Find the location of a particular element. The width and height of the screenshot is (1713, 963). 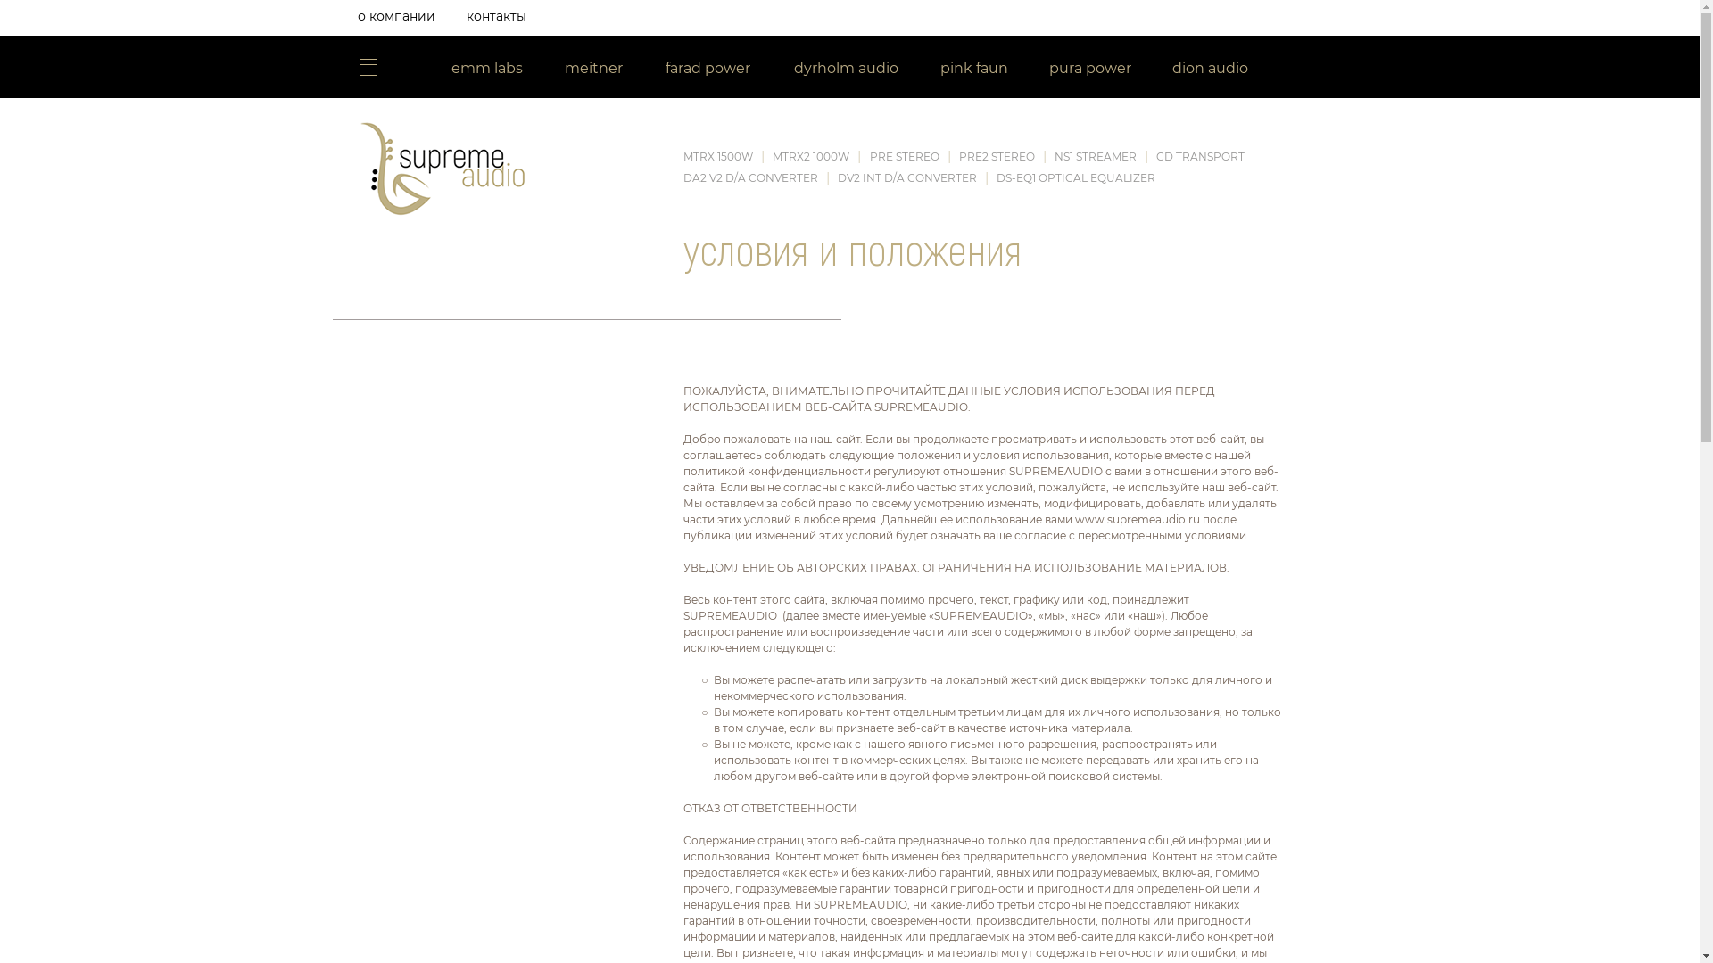

'DV2 INT D/A CONVERTER' is located at coordinates (907, 177).